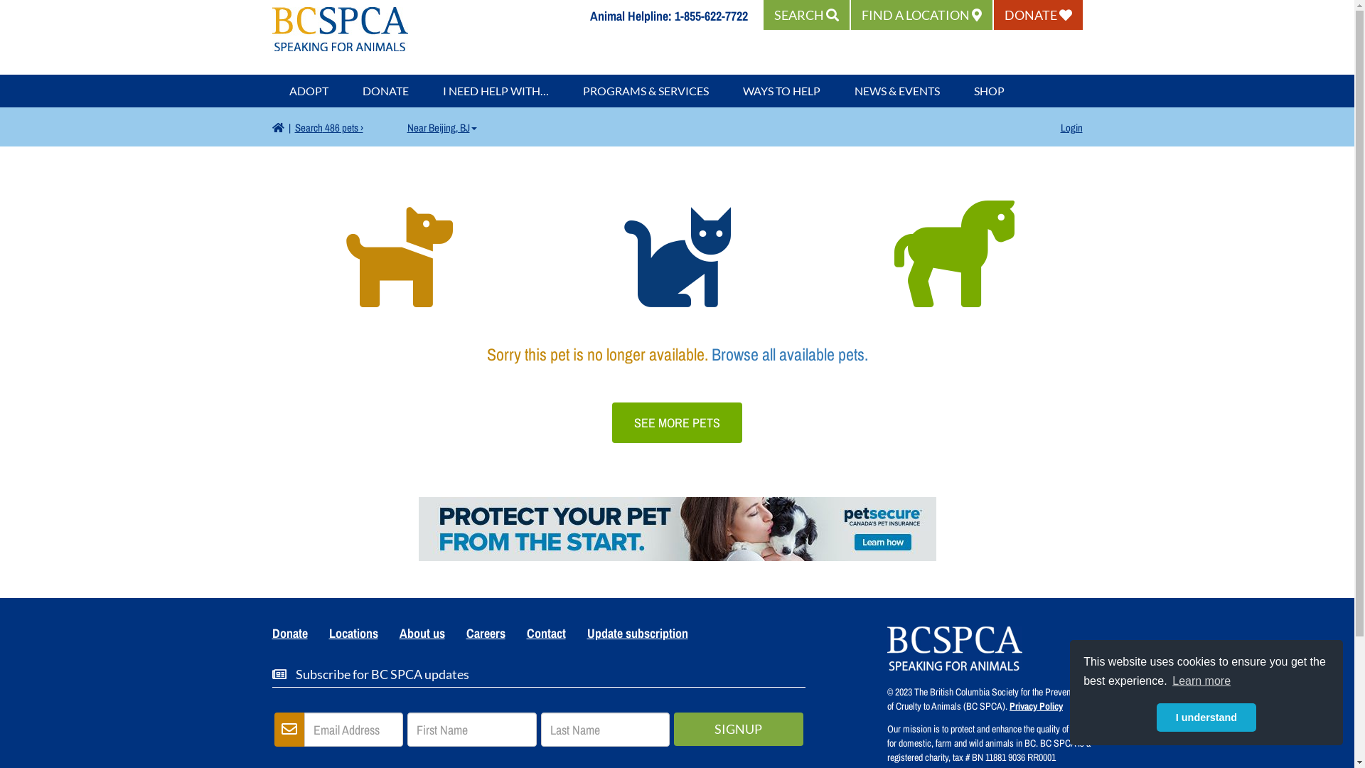 The image size is (1365, 768). I want to click on 'Near Beijing, BJ', so click(440, 127).